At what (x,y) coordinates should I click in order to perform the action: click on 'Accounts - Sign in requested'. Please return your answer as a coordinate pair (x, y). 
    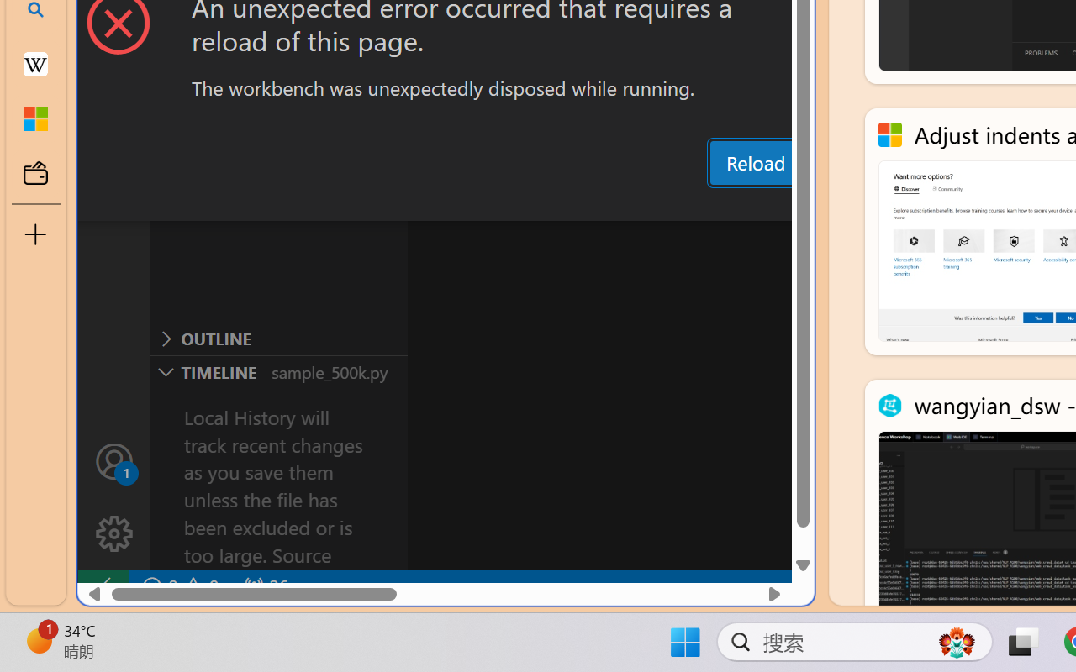
    Looking at the image, I should click on (113, 460).